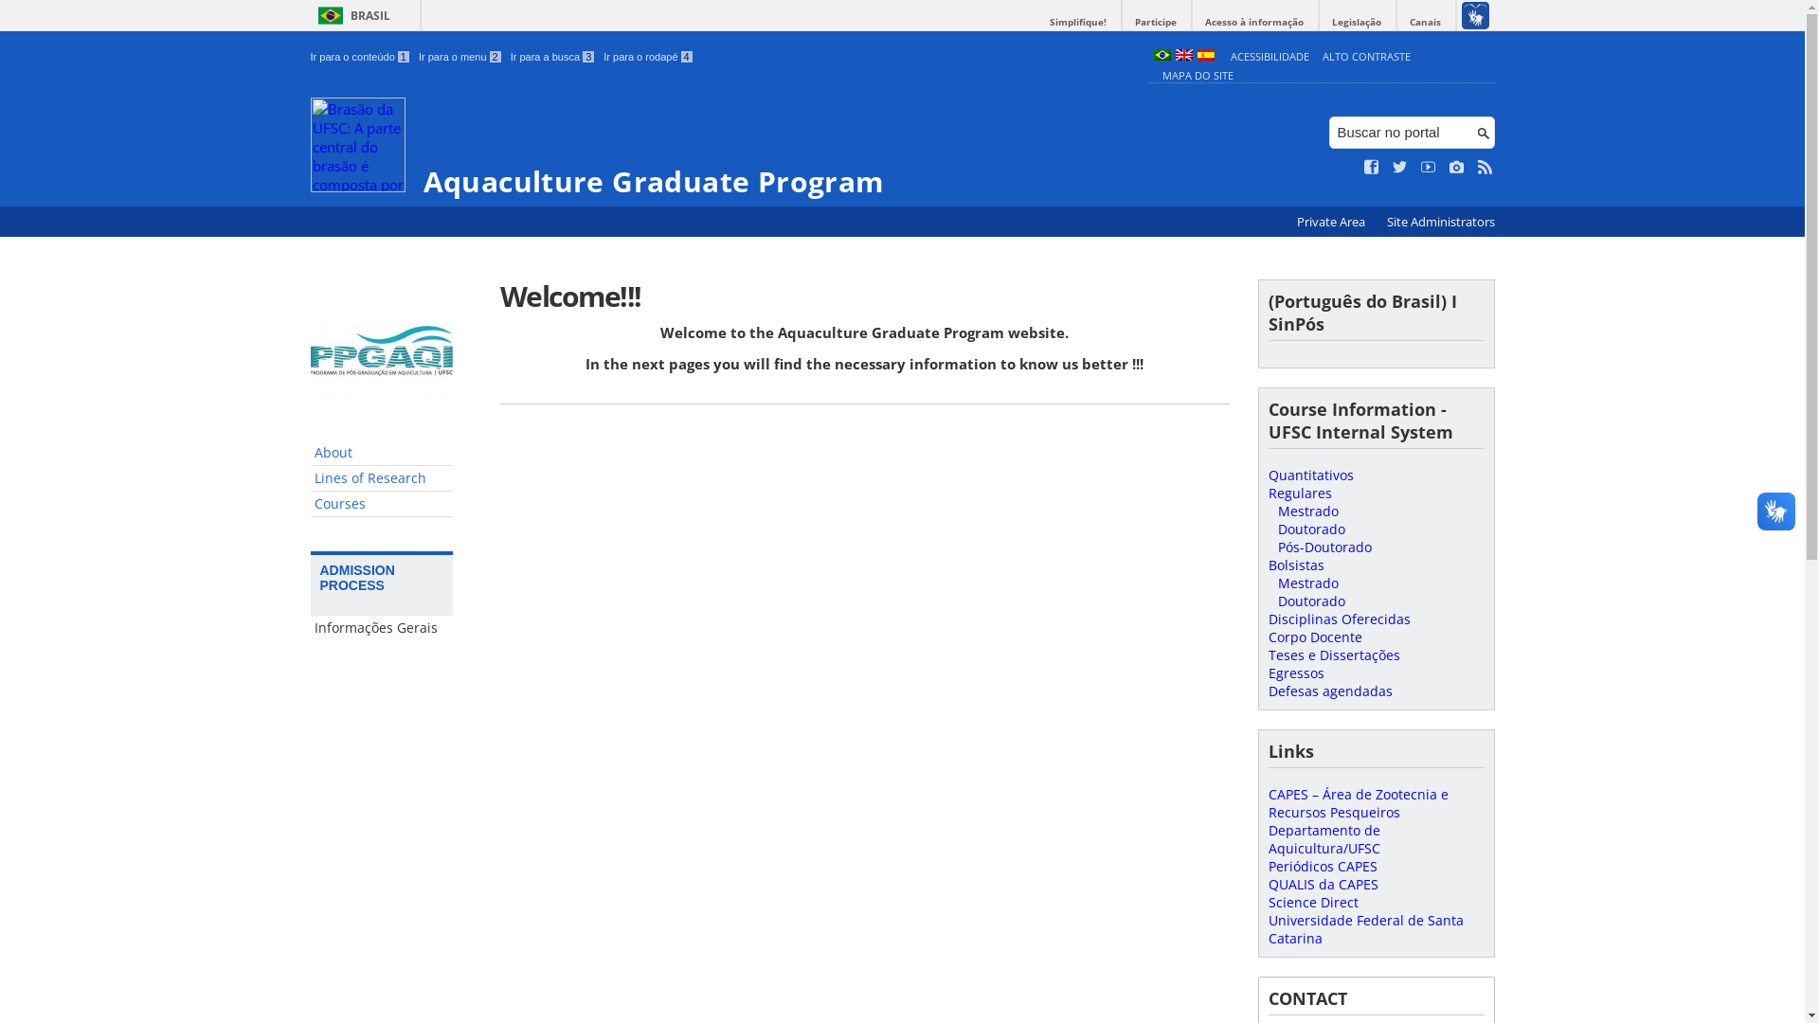 Image resolution: width=1819 pixels, height=1023 pixels. Describe the element at coordinates (1306, 582) in the screenshot. I see `'Mestrado'` at that location.